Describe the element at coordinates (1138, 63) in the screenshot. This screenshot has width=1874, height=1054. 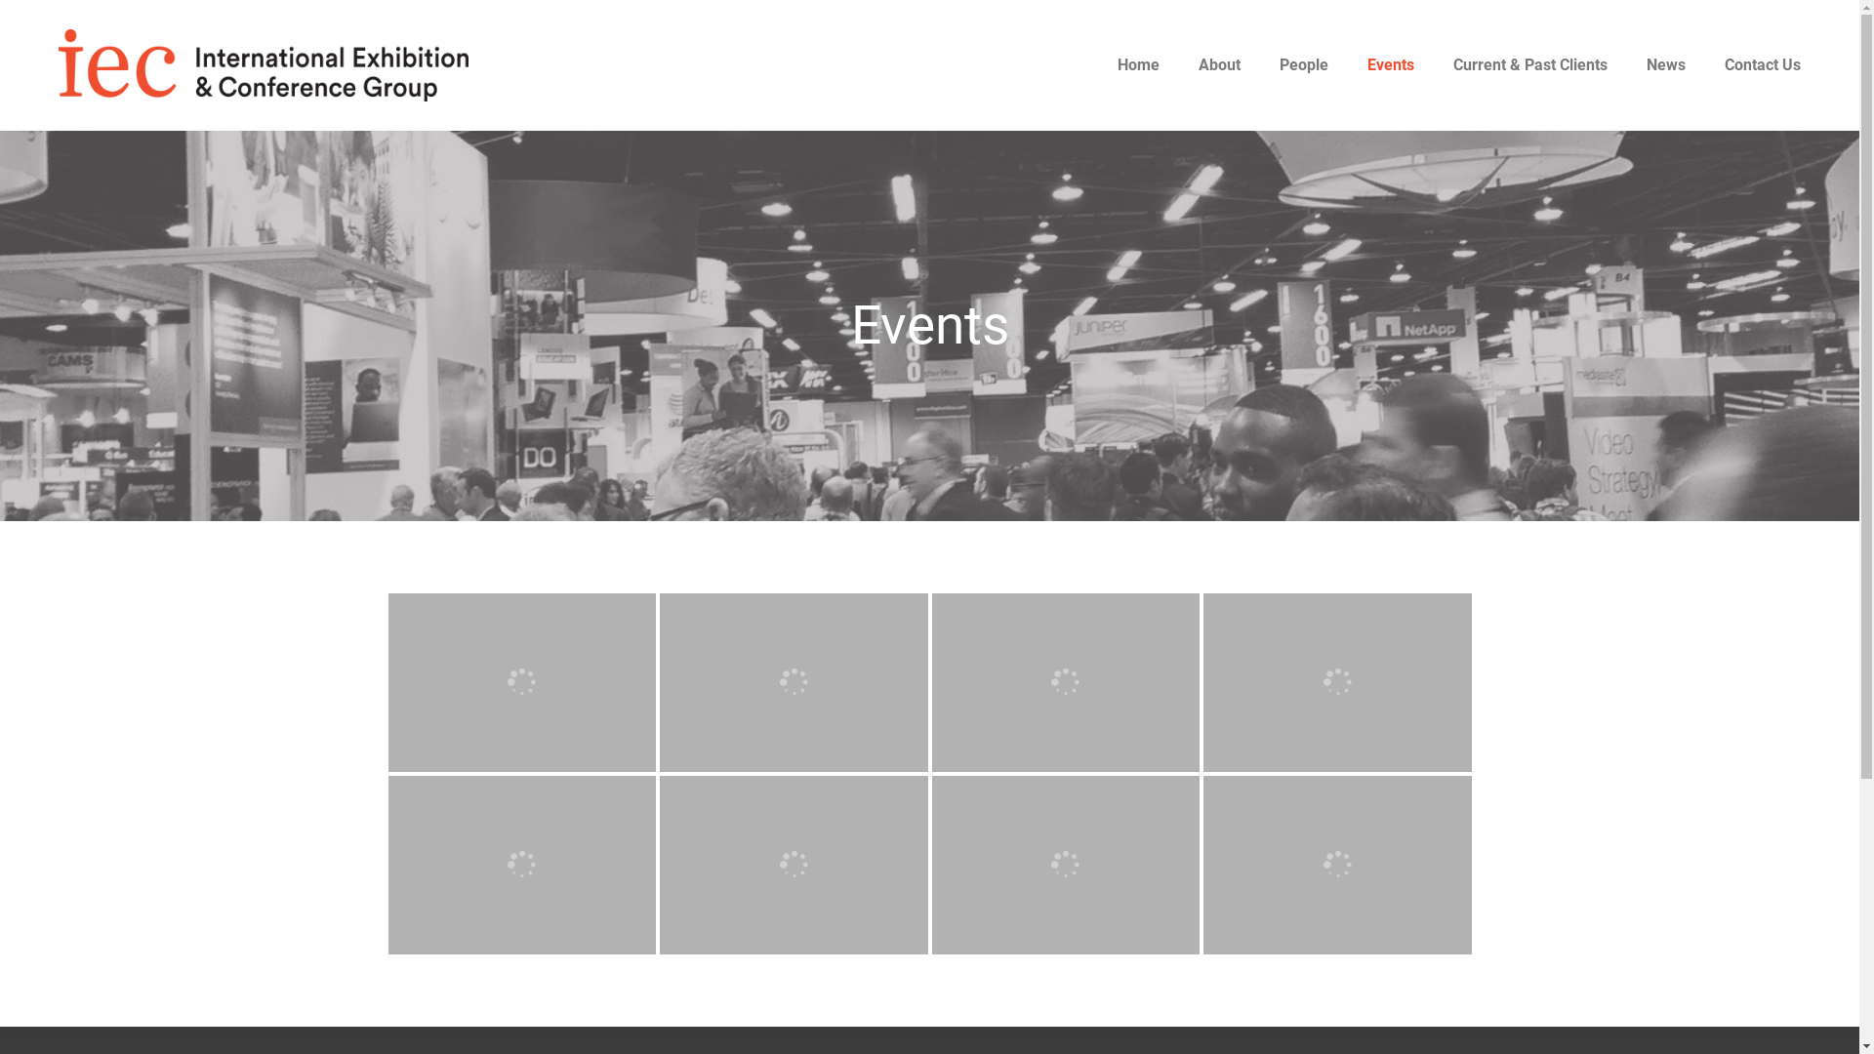
I see `'Home'` at that location.